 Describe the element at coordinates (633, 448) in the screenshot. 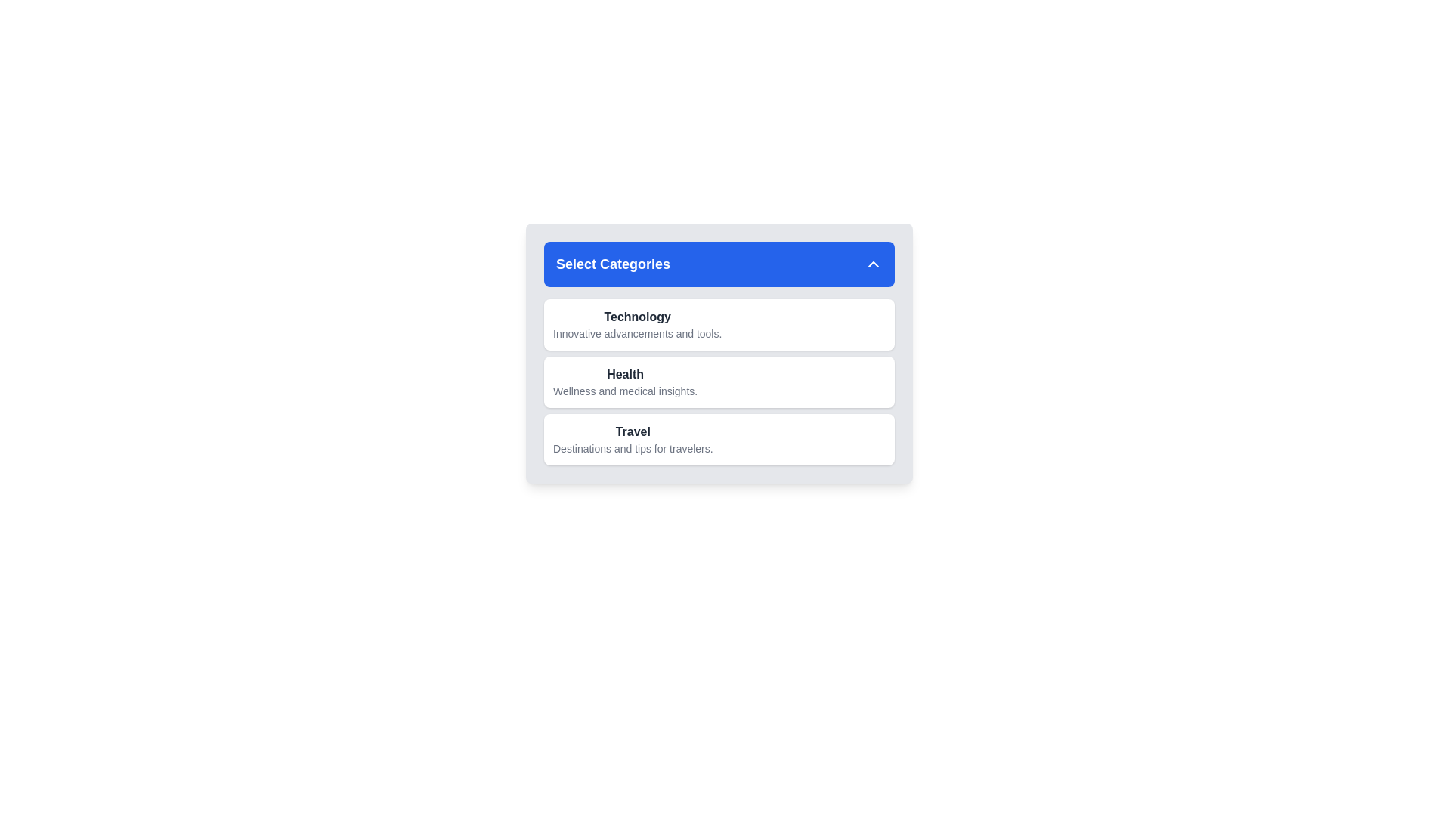

I see `text label that says 'Destinations and tips for travelers.' positioned beneath the 'Travel' heading` at that location.